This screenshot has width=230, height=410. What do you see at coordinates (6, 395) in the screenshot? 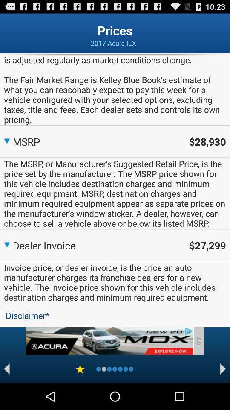
I see `the arrow_backward icon` at bounding box center [6, 395].